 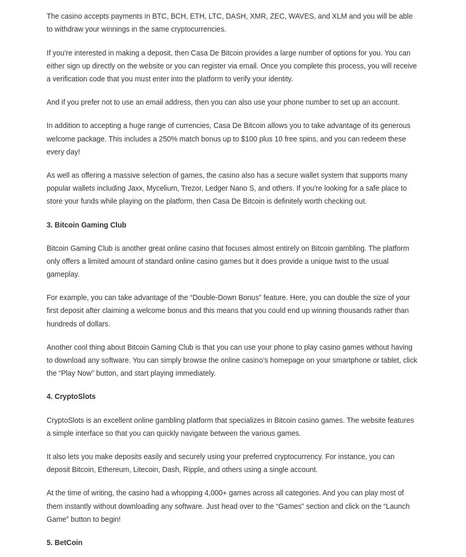 I want to click on 'As well as offering a massive selection of games, the casino also has a secure wallet system that supports many popular wallets including Jaxx, Mycelium, Trezor, Ledger Nano S, and others. If you’re looking for a safe place to store your funds while playing on the platform, then Casa De Bitcoin is definitely worth checking out.', so click(x=227, y=188).